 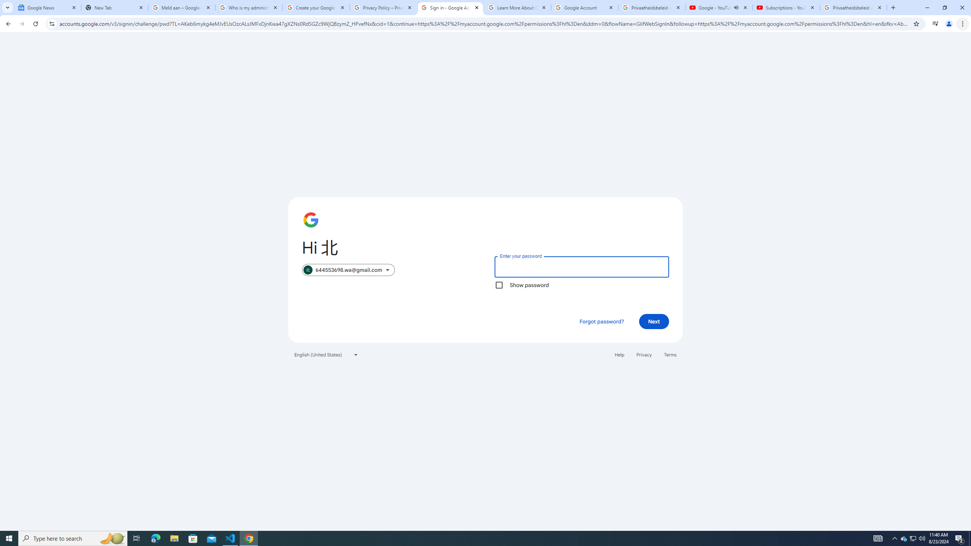 I want to click on 'Google - YouTube - Audio playing', so click(x=719, y=7).